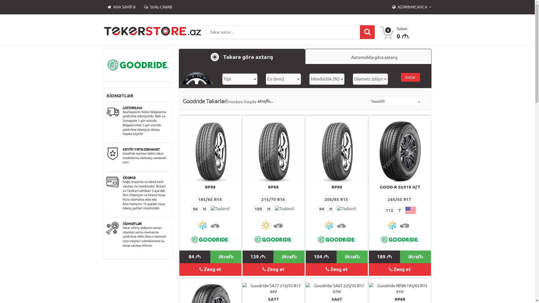 This screenshot has width=539, height=303. What do you see at coordinates (204, 187) in the screenshot?
I see `'RP88'` at bounding box center [204, 187].